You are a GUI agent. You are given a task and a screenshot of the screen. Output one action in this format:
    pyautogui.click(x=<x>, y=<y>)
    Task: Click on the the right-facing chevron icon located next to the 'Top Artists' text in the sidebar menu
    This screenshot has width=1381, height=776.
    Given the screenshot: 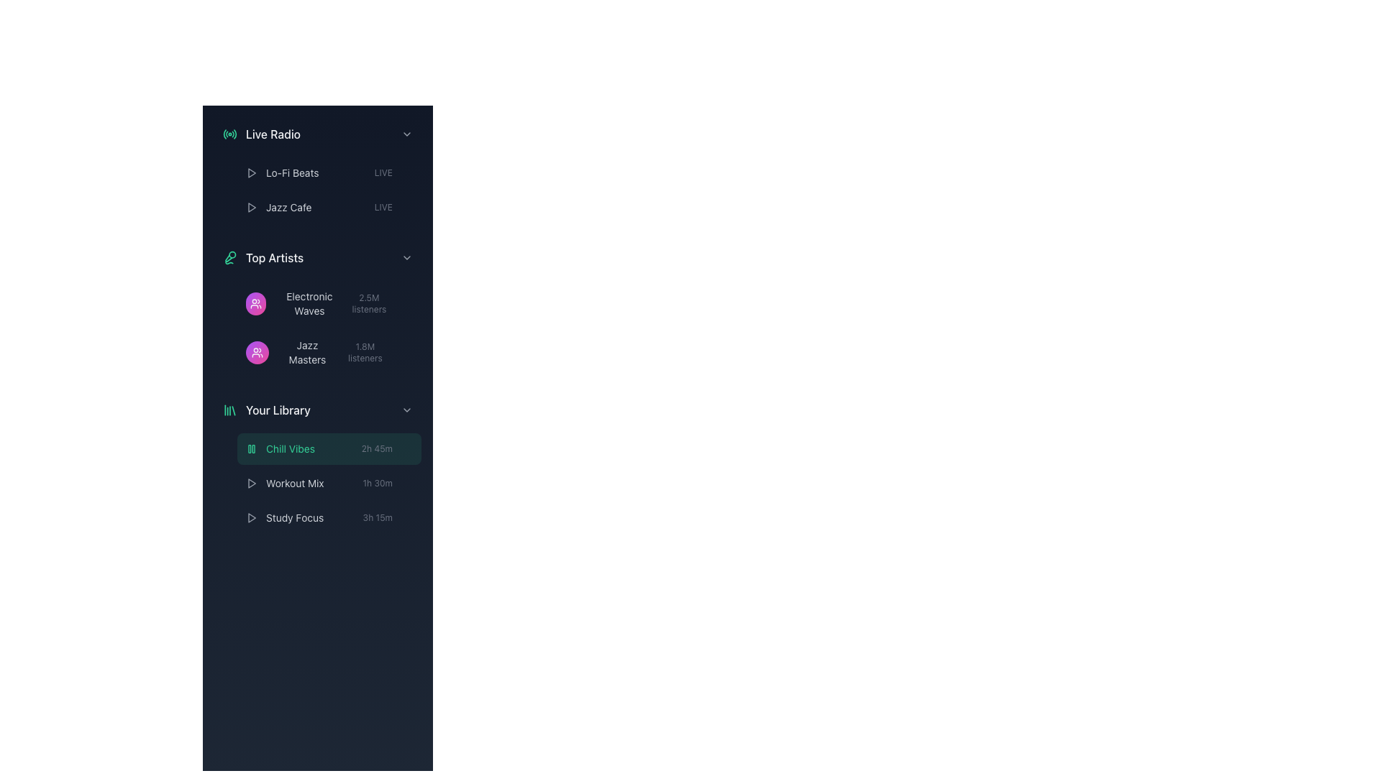 What is the action you would take?
    pyautogui.click(x=406, y=257)
    